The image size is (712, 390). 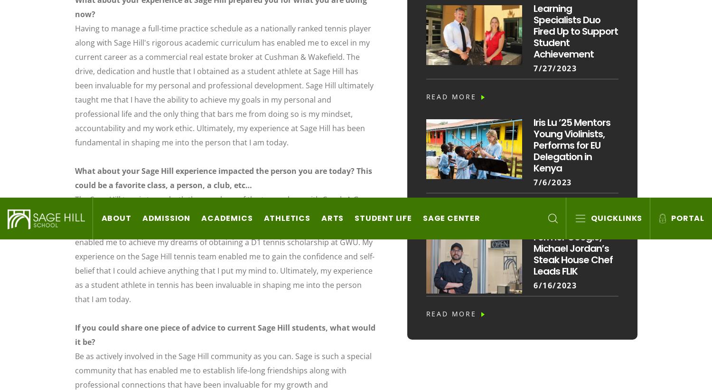 What do you see at coordinates (183, 177) in the screenshot?
I see `'Privacy Policy'` at bounding box center [183, 177].